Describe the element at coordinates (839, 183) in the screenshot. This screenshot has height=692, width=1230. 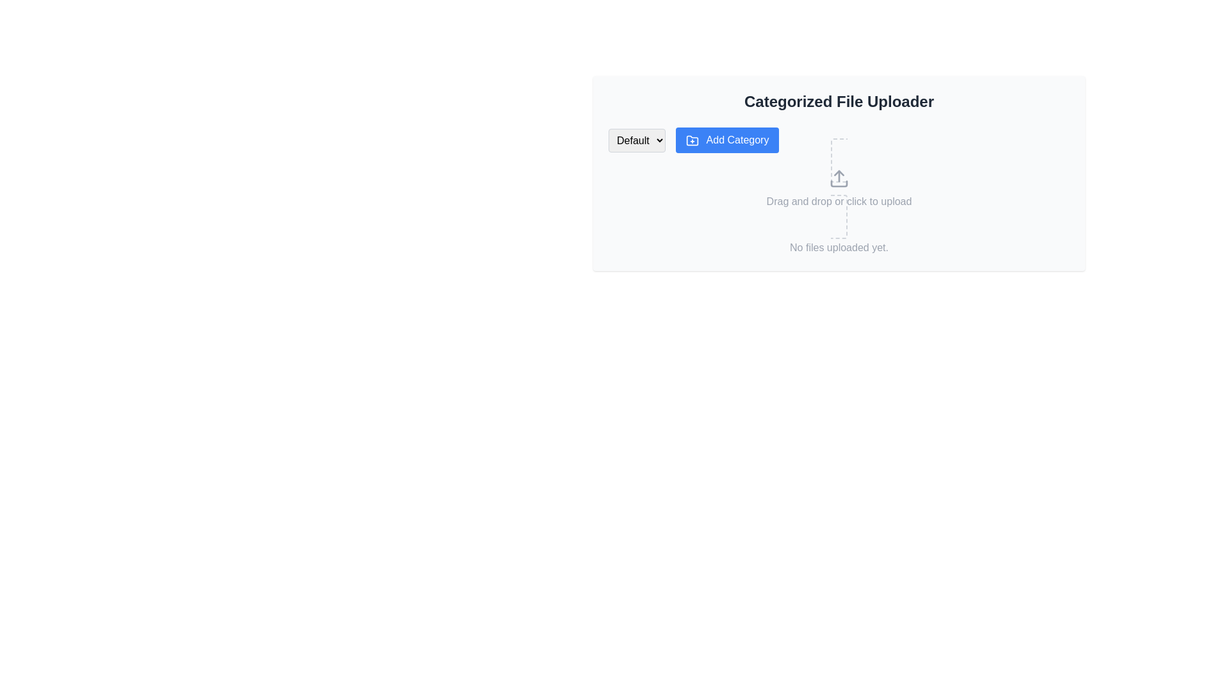
I see `the lower section of the outlined upload icon, which is represented by a rectangle with rounded edges that completes the upload symbol` at that location.